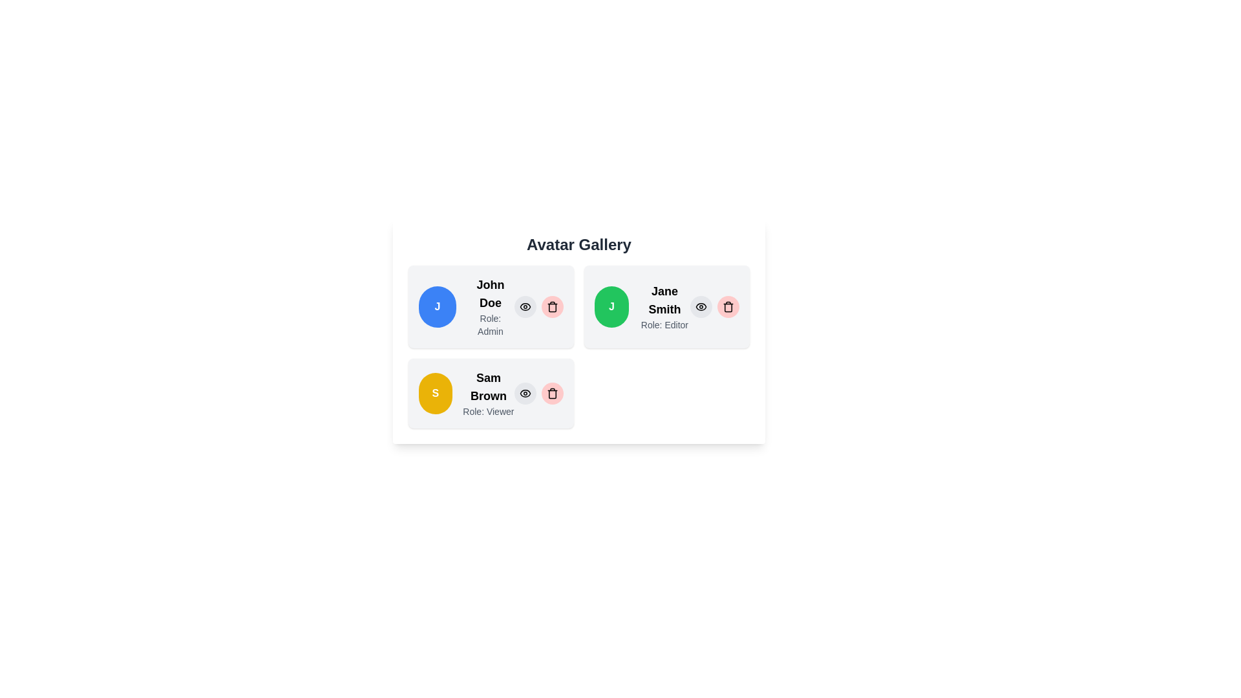 Image resolution: width=1241 pixels, height=698 pixels. What do you see at coordinates (552, 306) in the screenshot?
I see `the circular pink button with a trash can icon in 'John Doe's card, which is the second button in the right-aligned button group` at bounding box center [552, 306].